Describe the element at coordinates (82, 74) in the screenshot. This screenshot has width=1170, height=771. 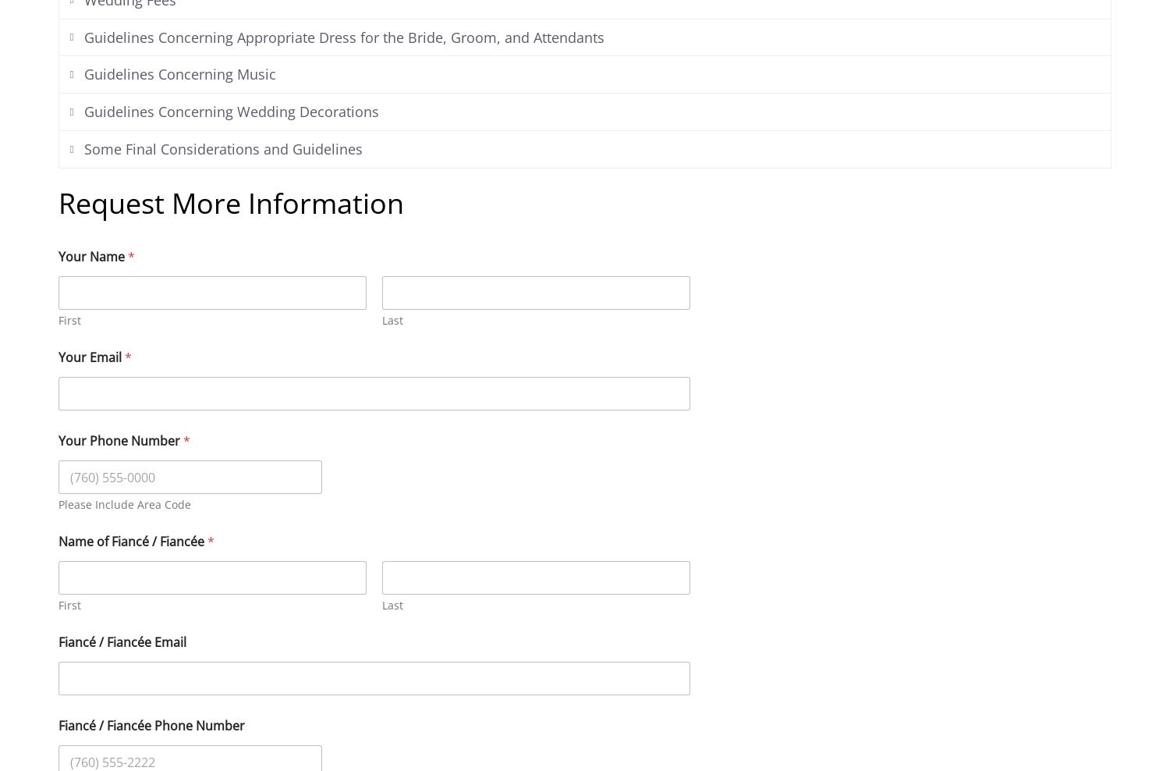
I see `'Guidelines Concerning Music'` at that location.